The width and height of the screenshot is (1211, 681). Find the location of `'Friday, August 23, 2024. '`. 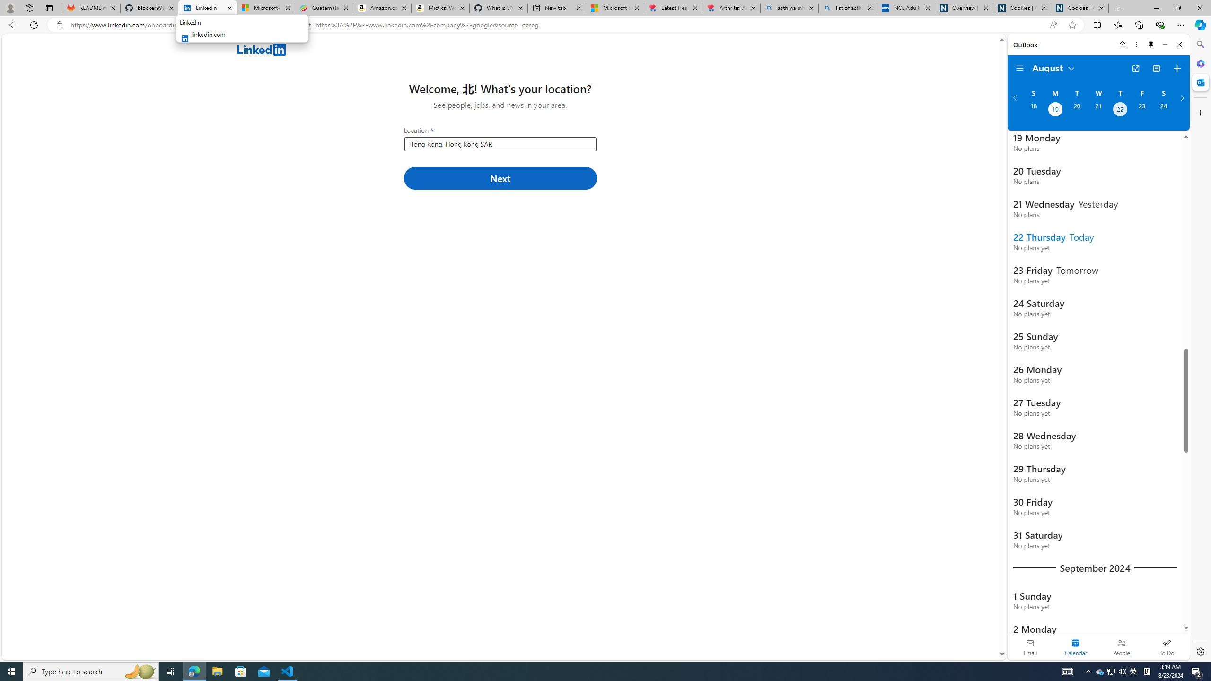

'Friday, August 23, 2024. ' is located at coordinates (1141, 110).